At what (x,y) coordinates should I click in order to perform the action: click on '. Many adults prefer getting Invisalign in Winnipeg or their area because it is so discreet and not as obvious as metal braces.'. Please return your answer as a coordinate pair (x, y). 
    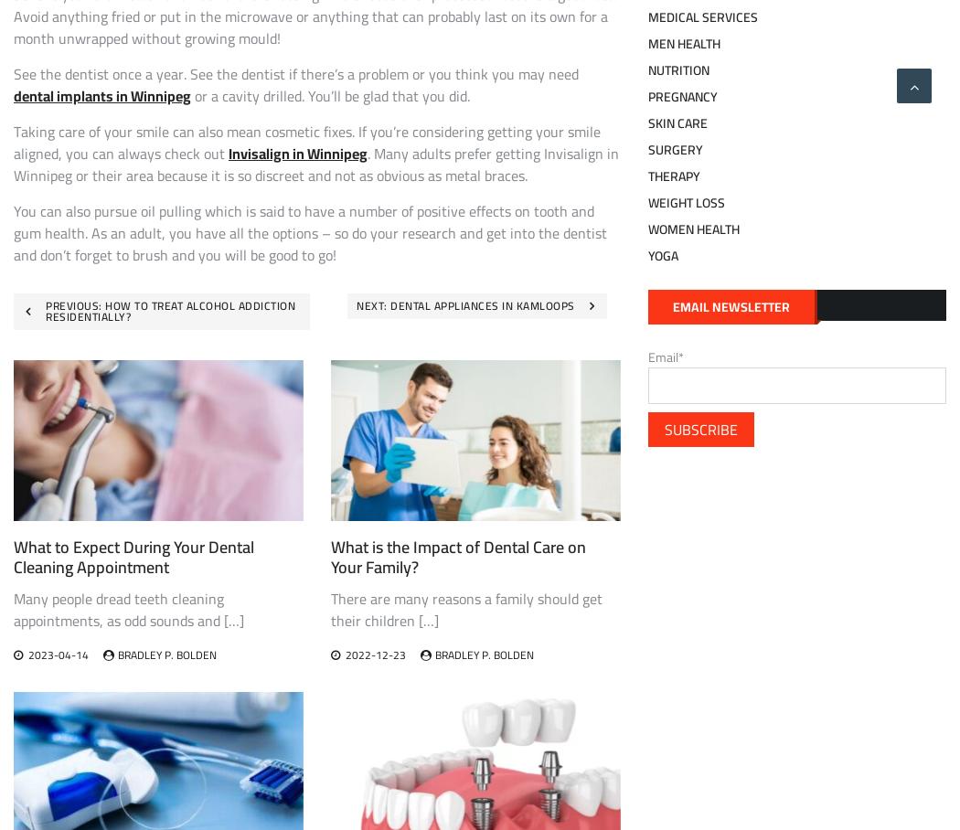
    Looking at the image, I should click on (315, 163).